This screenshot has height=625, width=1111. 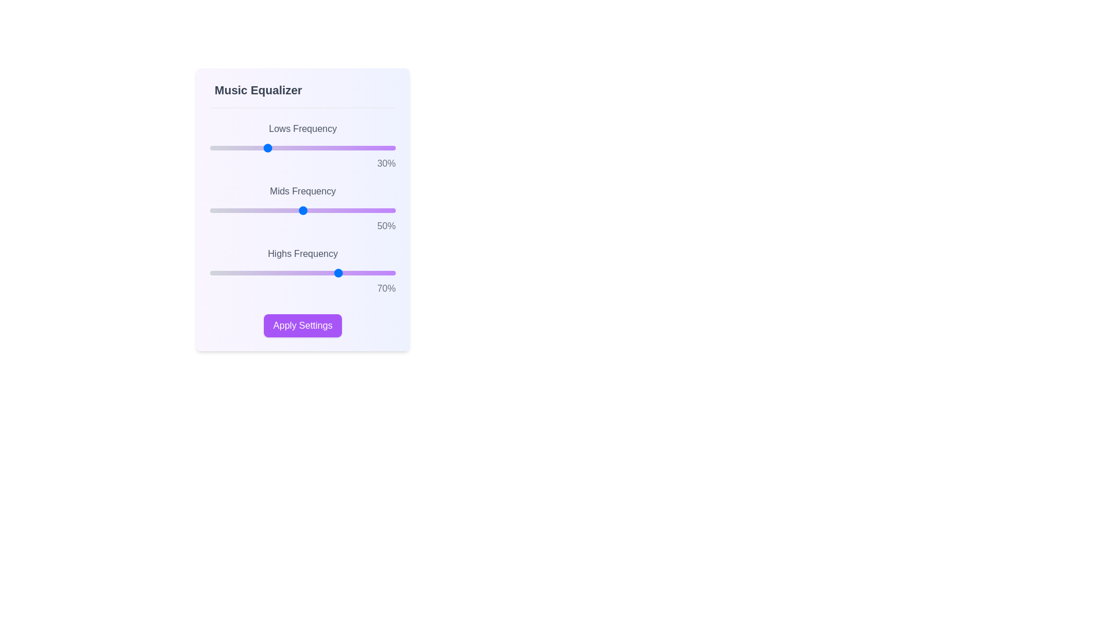 I want to click on the 'Lows Frequency' slider to 45%, so click(x=293, y=147).